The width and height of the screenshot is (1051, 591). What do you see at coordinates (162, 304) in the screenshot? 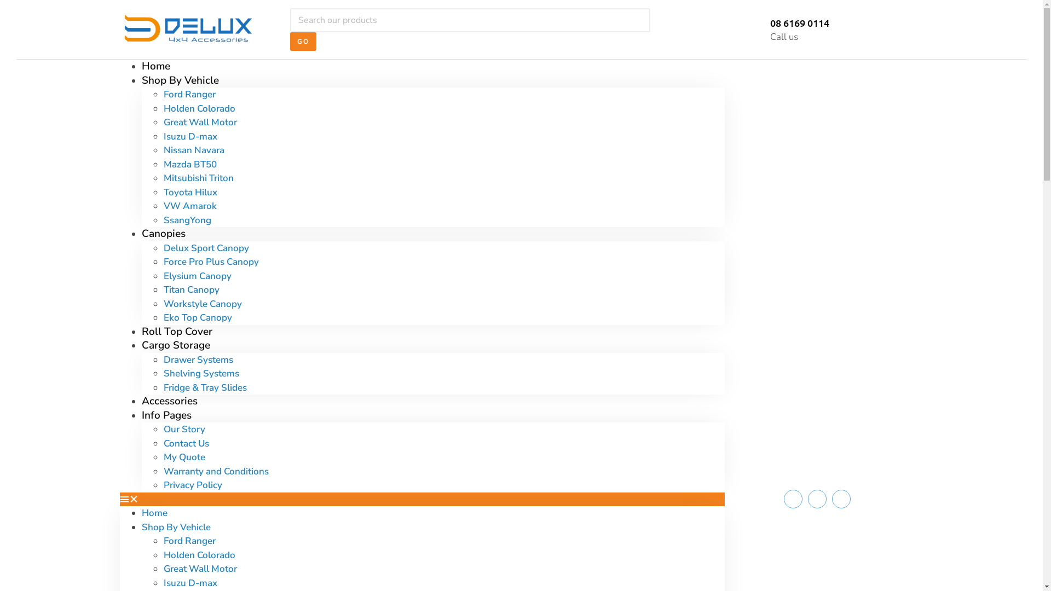
I see `'Workstyle Canopy'` at bounding box center [162, 304].